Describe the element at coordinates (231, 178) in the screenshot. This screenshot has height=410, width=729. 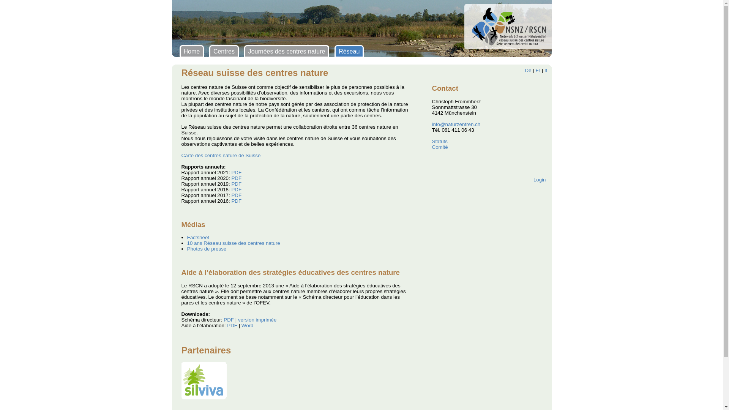
I see `'PDF'` at that location.